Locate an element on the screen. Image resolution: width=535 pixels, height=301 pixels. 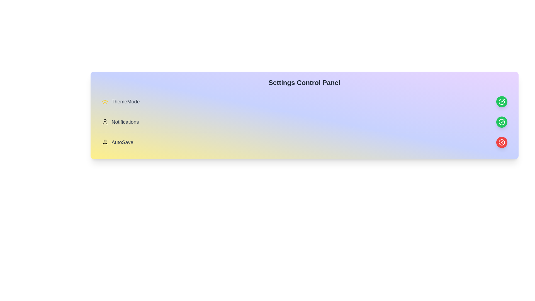
button associated with Notifications to toggle its state is located at coordinates (502, 122).